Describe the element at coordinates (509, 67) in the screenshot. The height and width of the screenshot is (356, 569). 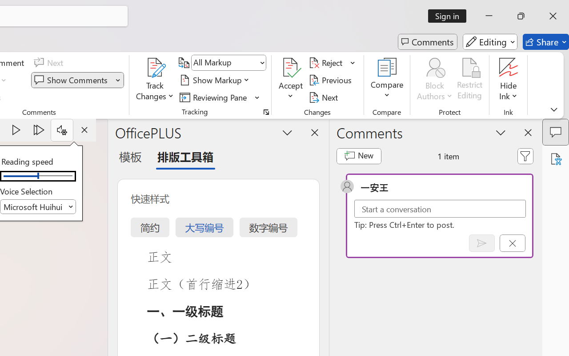
I see `'Hide Ink'` at that location.